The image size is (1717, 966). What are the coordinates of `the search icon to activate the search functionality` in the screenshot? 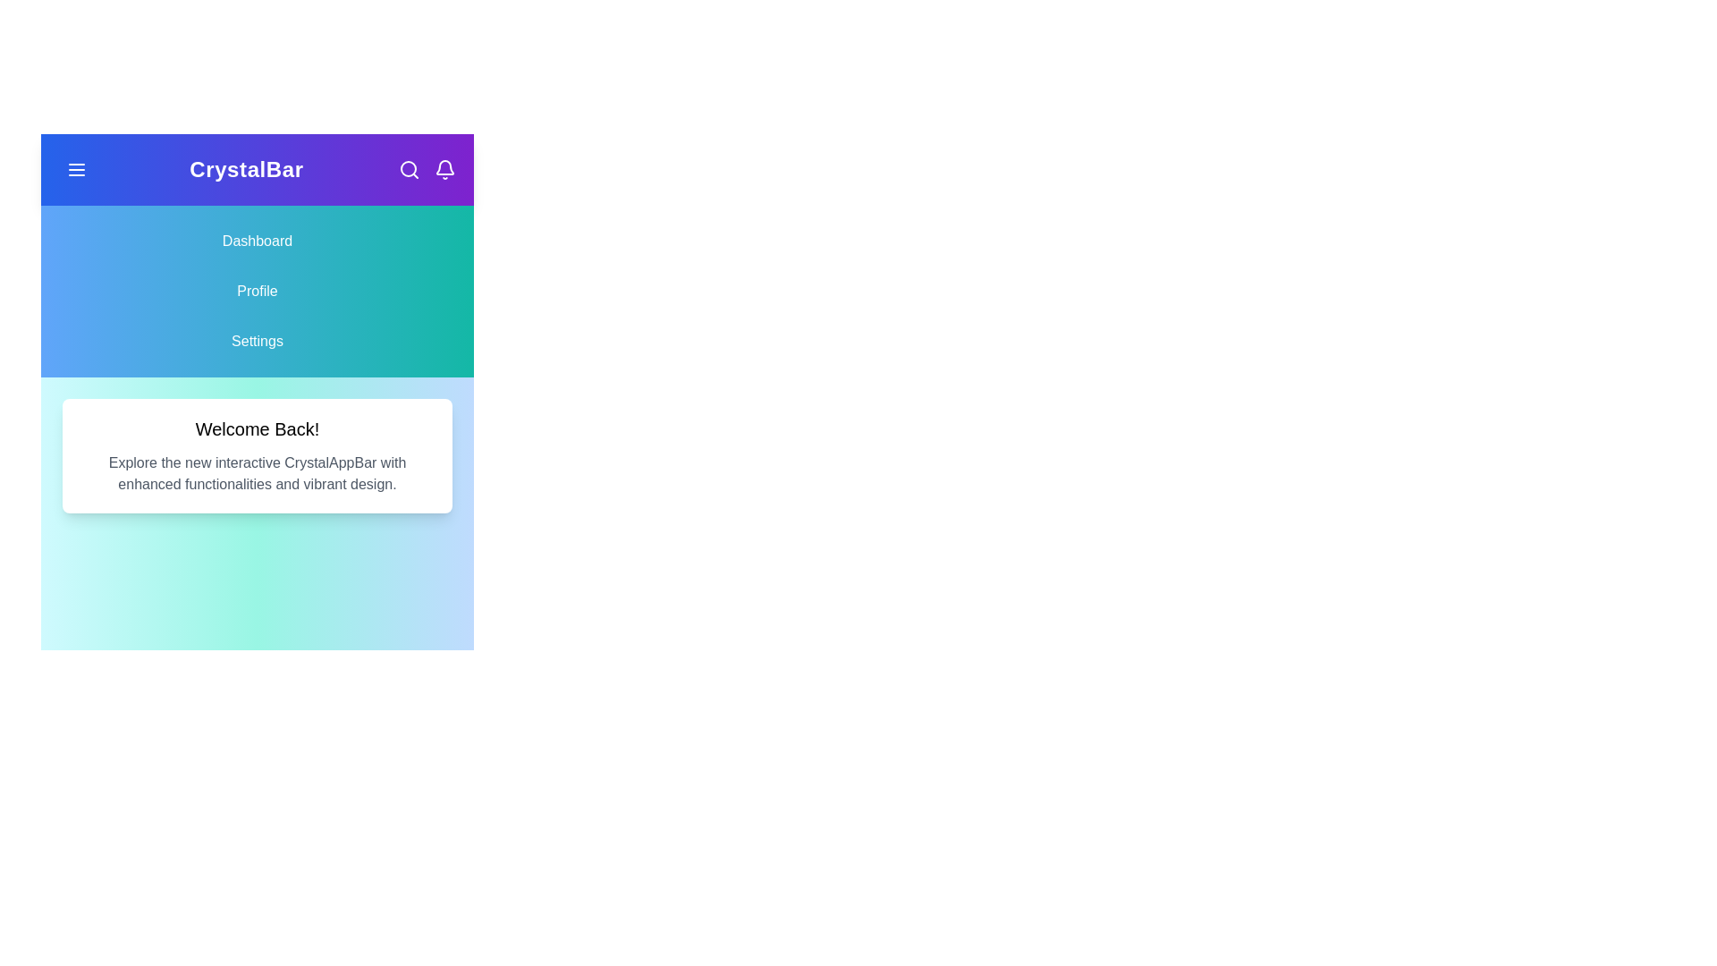 It's located at (408, 169).